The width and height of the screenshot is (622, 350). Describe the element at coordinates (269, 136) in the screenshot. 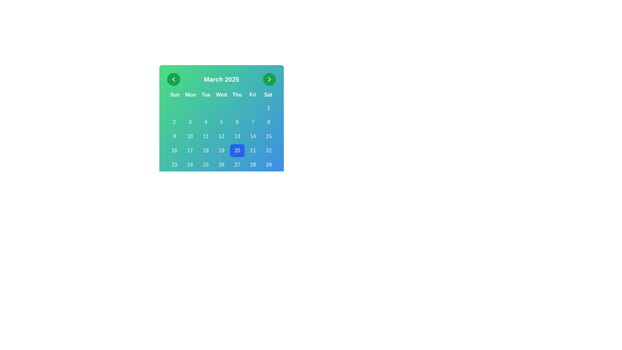

I see `the interactive calendar day cell displaying the number '15'` at that location.